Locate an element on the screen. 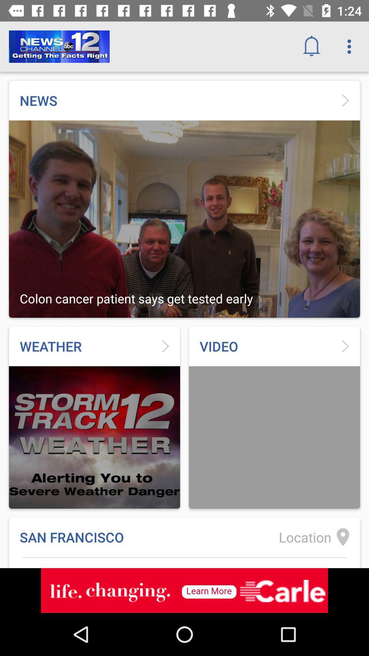 This screenshot has height=656, width=369. the weather picture at the bottom is located at coordinates (94, 437).